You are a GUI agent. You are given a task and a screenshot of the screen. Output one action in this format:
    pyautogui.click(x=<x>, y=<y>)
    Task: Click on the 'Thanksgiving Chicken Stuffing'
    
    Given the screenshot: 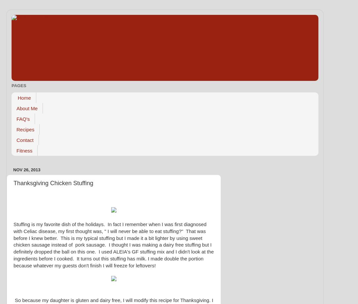 What is the action you would take?
    pyautogui.click(x=53, y=182)
    